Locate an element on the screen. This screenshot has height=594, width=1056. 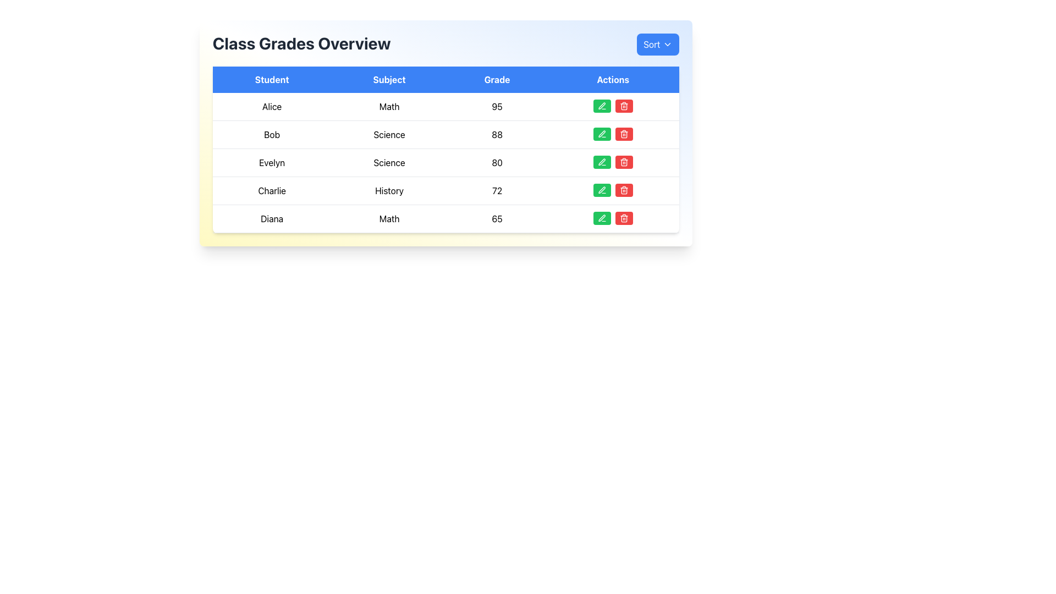
text displayed in the label for the student named 'Charlie', which is located in the first column of the table and in the third row is located at coordinates (272, 190).